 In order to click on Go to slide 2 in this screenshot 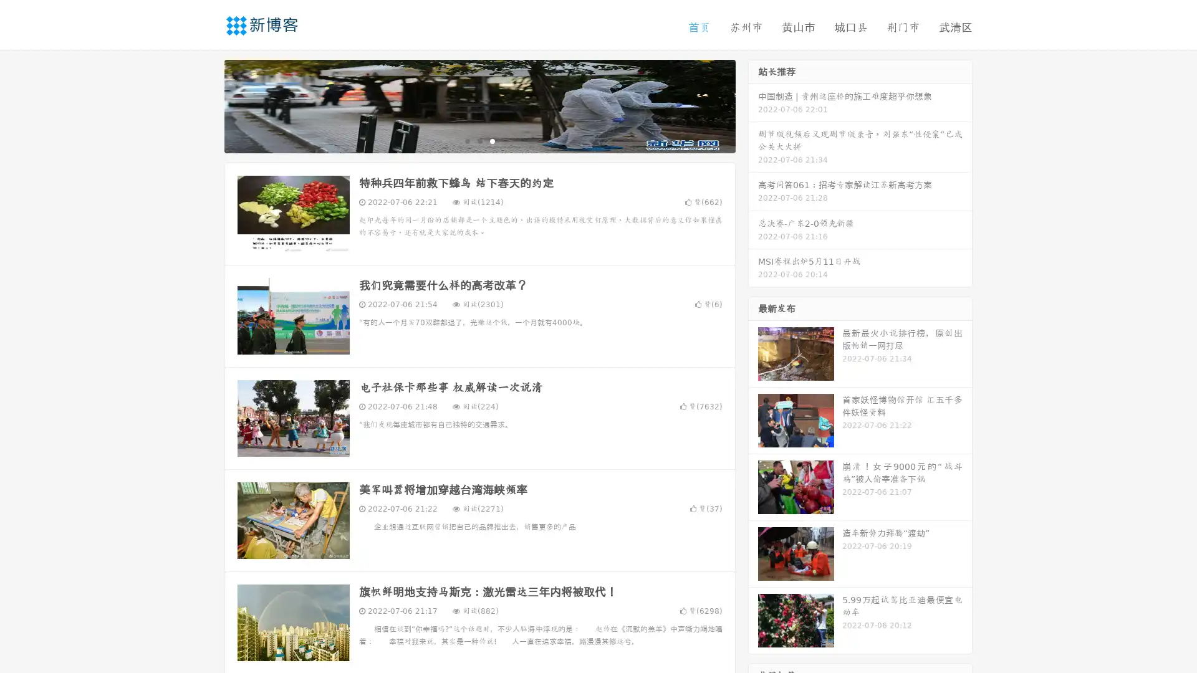, I will do `click(479, 140)`.